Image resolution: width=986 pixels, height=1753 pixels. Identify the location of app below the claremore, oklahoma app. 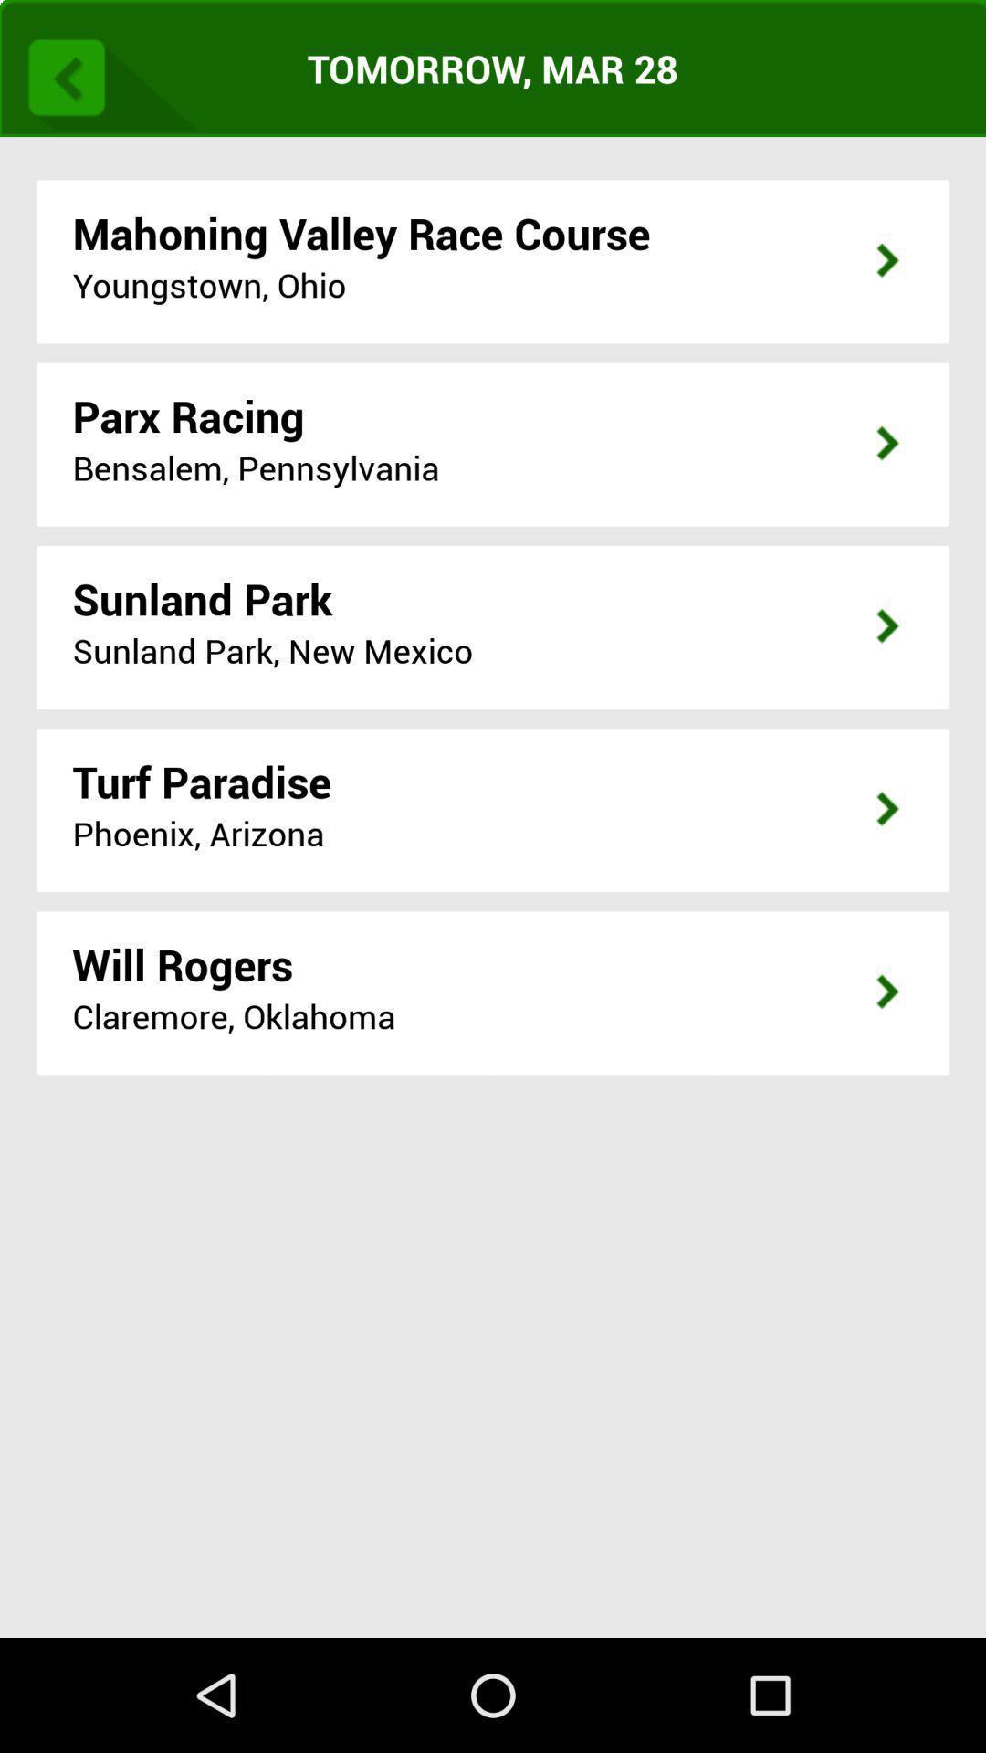
(493, 1378).